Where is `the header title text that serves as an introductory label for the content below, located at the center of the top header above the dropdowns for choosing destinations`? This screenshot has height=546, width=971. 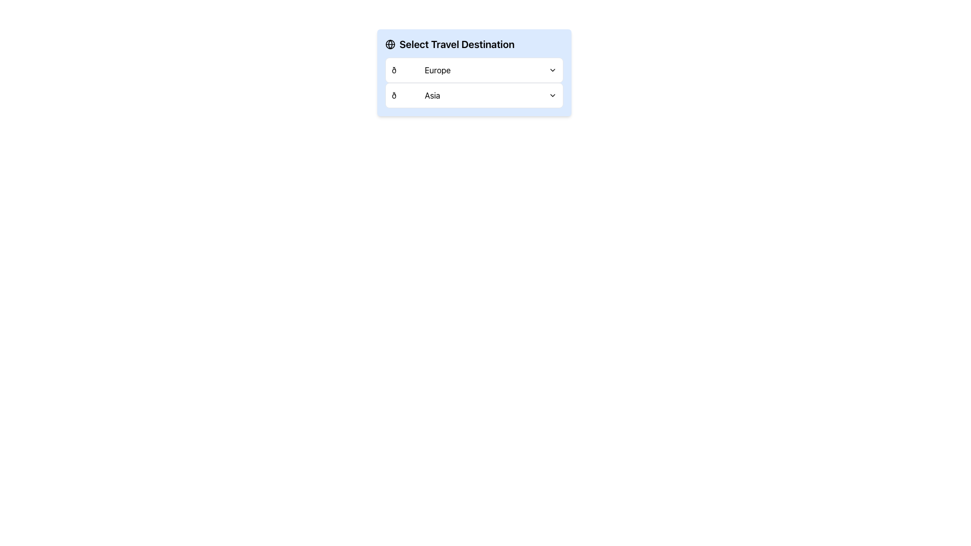 the header title text that serves as an introductory label for the content below, located at the center of the top header above the dropdowns for choosing destinations is located at coordinates (456, 44).